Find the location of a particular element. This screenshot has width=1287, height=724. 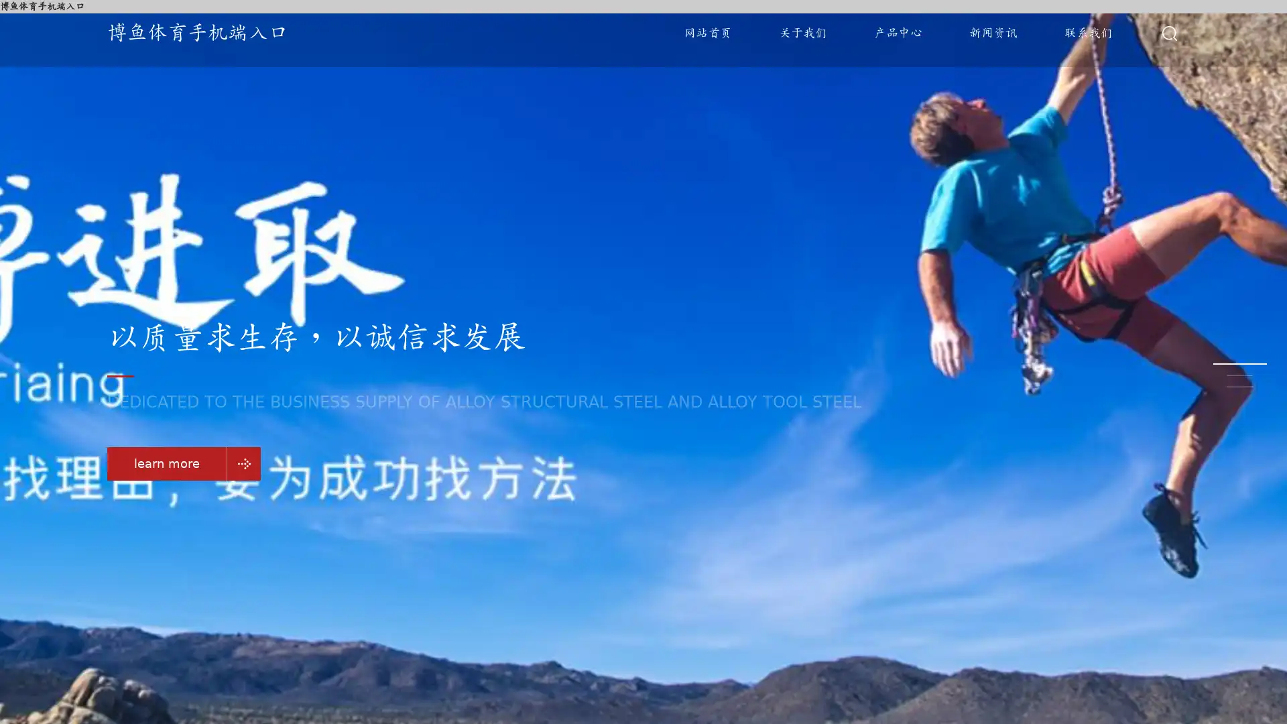

Go to slide 3 is located at coordinates (1239, 387).